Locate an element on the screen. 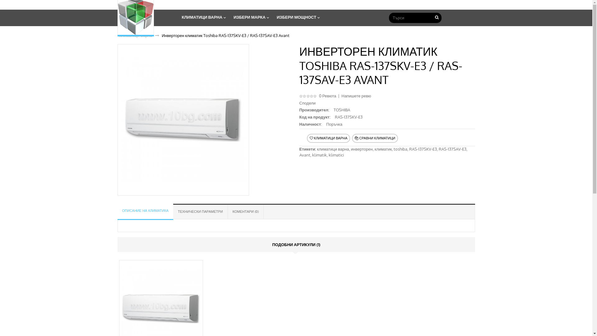 This screenshot has height=336, width=597. 'klimatik' is located at coordinates (319, 154).